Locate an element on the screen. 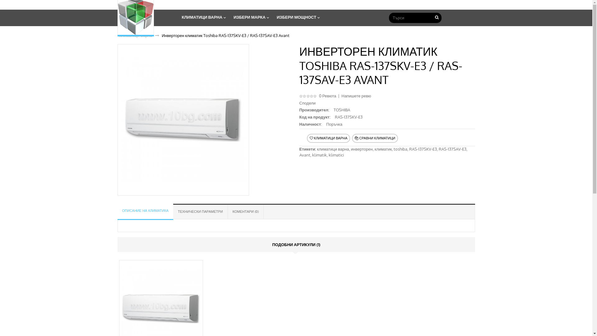 This screenshot has height=336, width=597. 'klimatik' is located at coordinates (319, 154).